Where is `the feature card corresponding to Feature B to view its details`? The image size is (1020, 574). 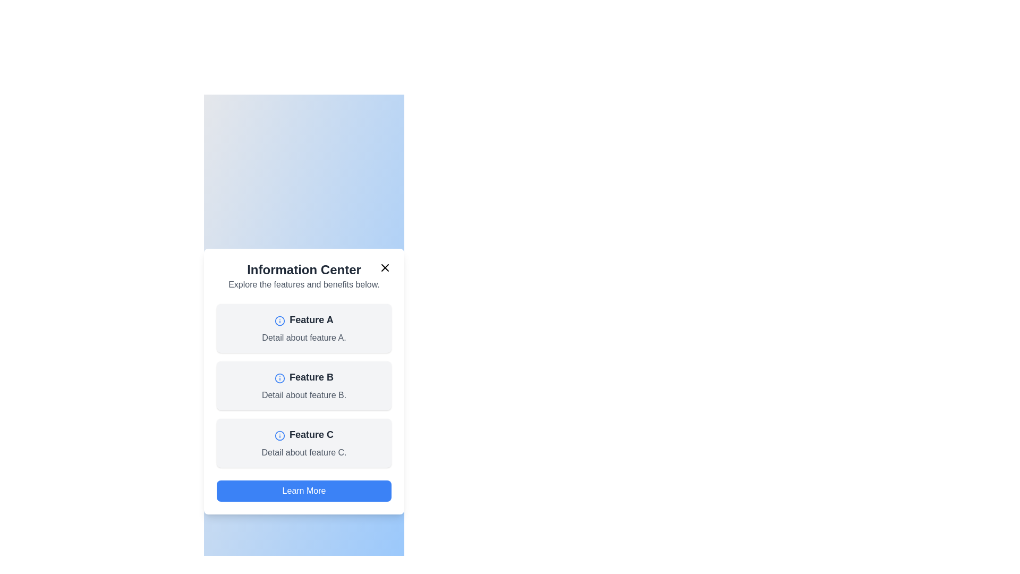
the feature card corresponding to Feature B to view its details is located at coordinates (303, 385).